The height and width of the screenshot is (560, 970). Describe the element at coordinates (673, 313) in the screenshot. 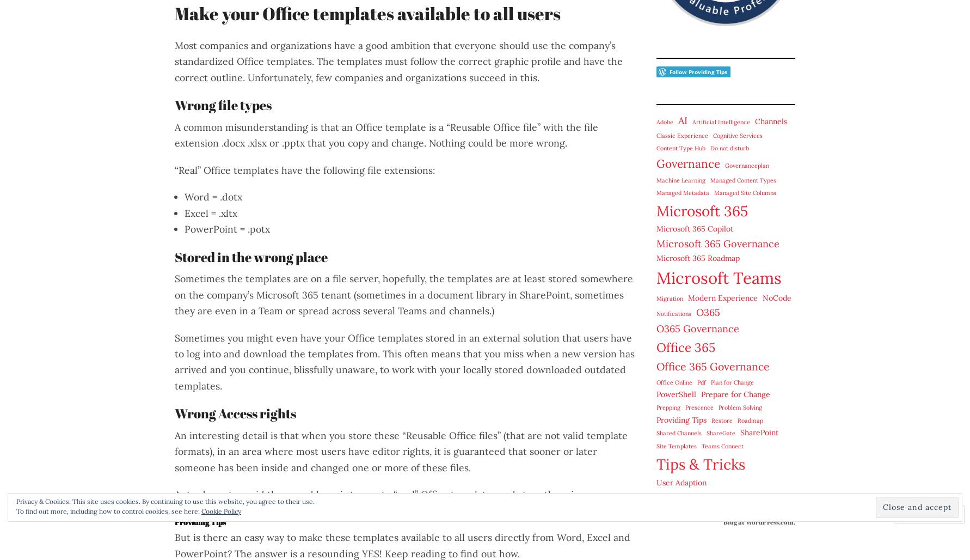

I see `'Notifications'` at that location.